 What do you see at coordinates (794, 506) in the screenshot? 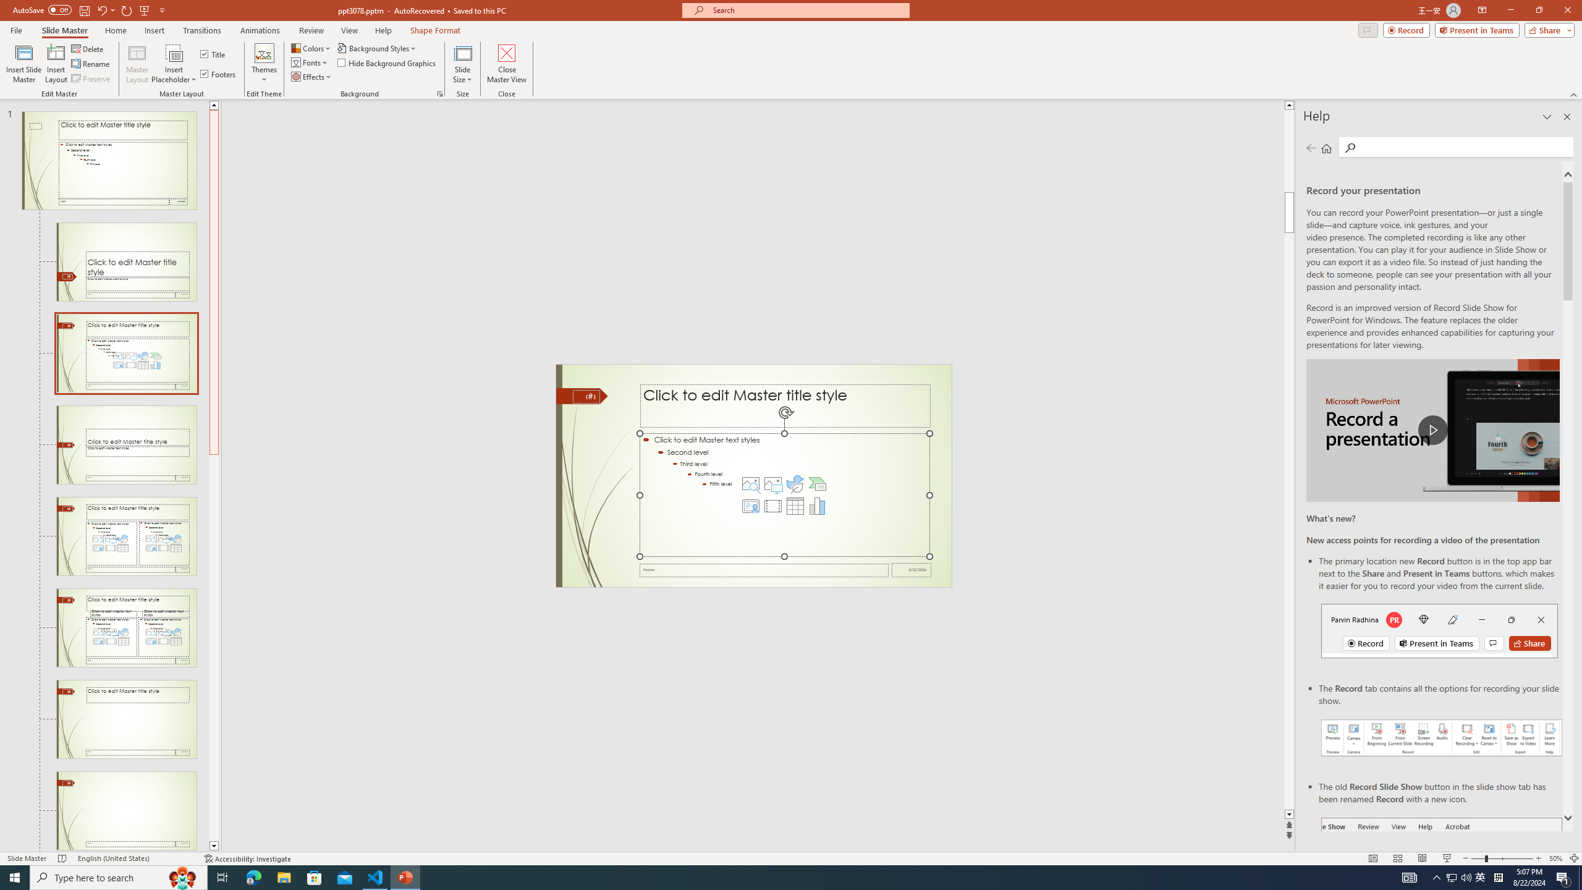
I see `'Insert Table'` at bounding box center [794, 506].